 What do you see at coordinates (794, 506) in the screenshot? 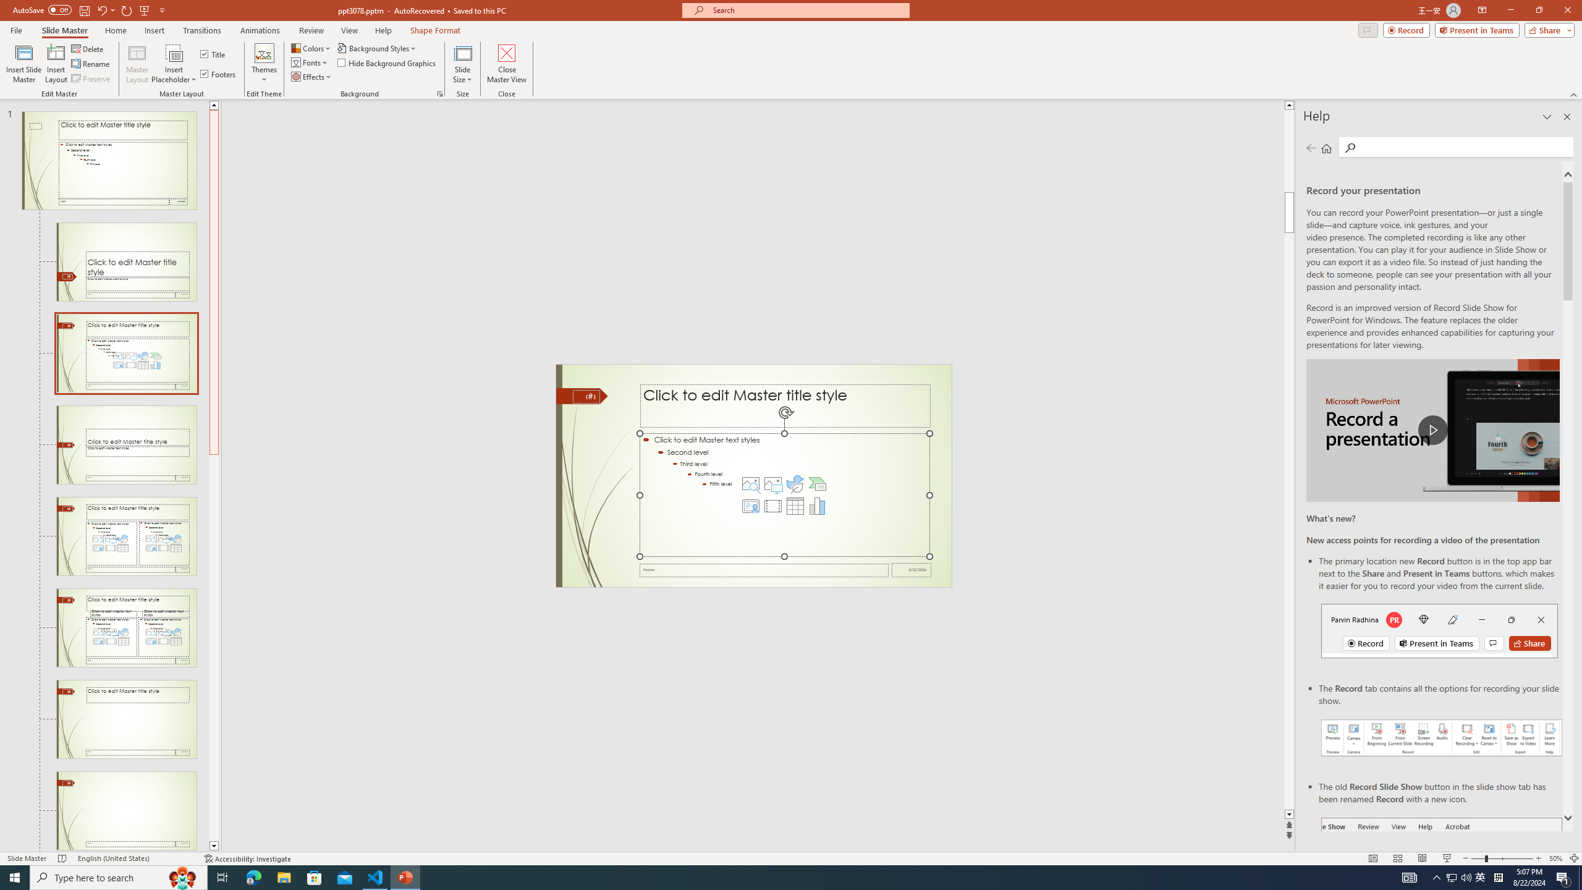
I see `'Insert Table'` at bounding box center [794, 506].